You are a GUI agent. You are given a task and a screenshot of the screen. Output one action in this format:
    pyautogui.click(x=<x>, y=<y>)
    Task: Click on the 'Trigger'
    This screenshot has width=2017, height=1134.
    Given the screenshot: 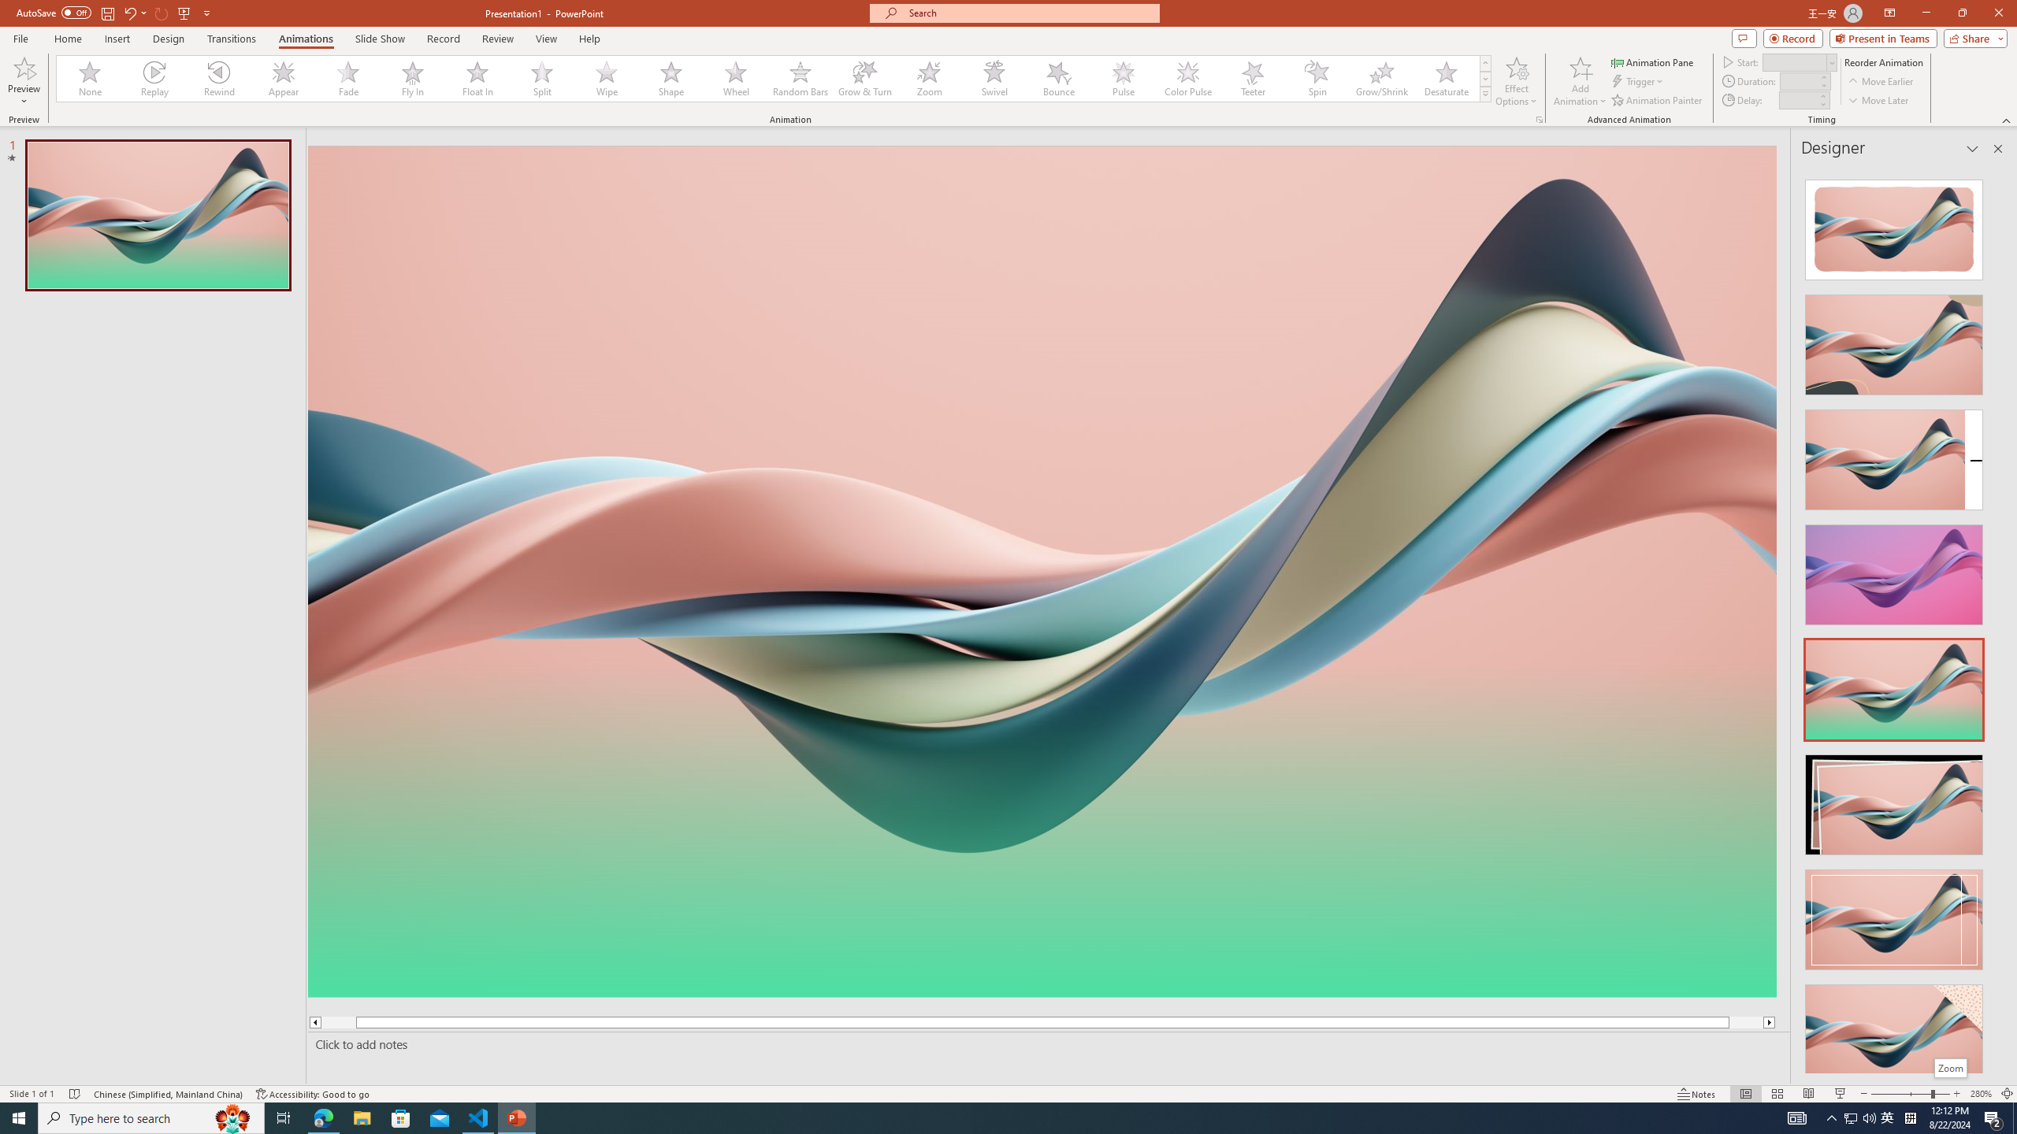 What is the action you would take?
    pyautogui.click(x=1638, y=81)
    